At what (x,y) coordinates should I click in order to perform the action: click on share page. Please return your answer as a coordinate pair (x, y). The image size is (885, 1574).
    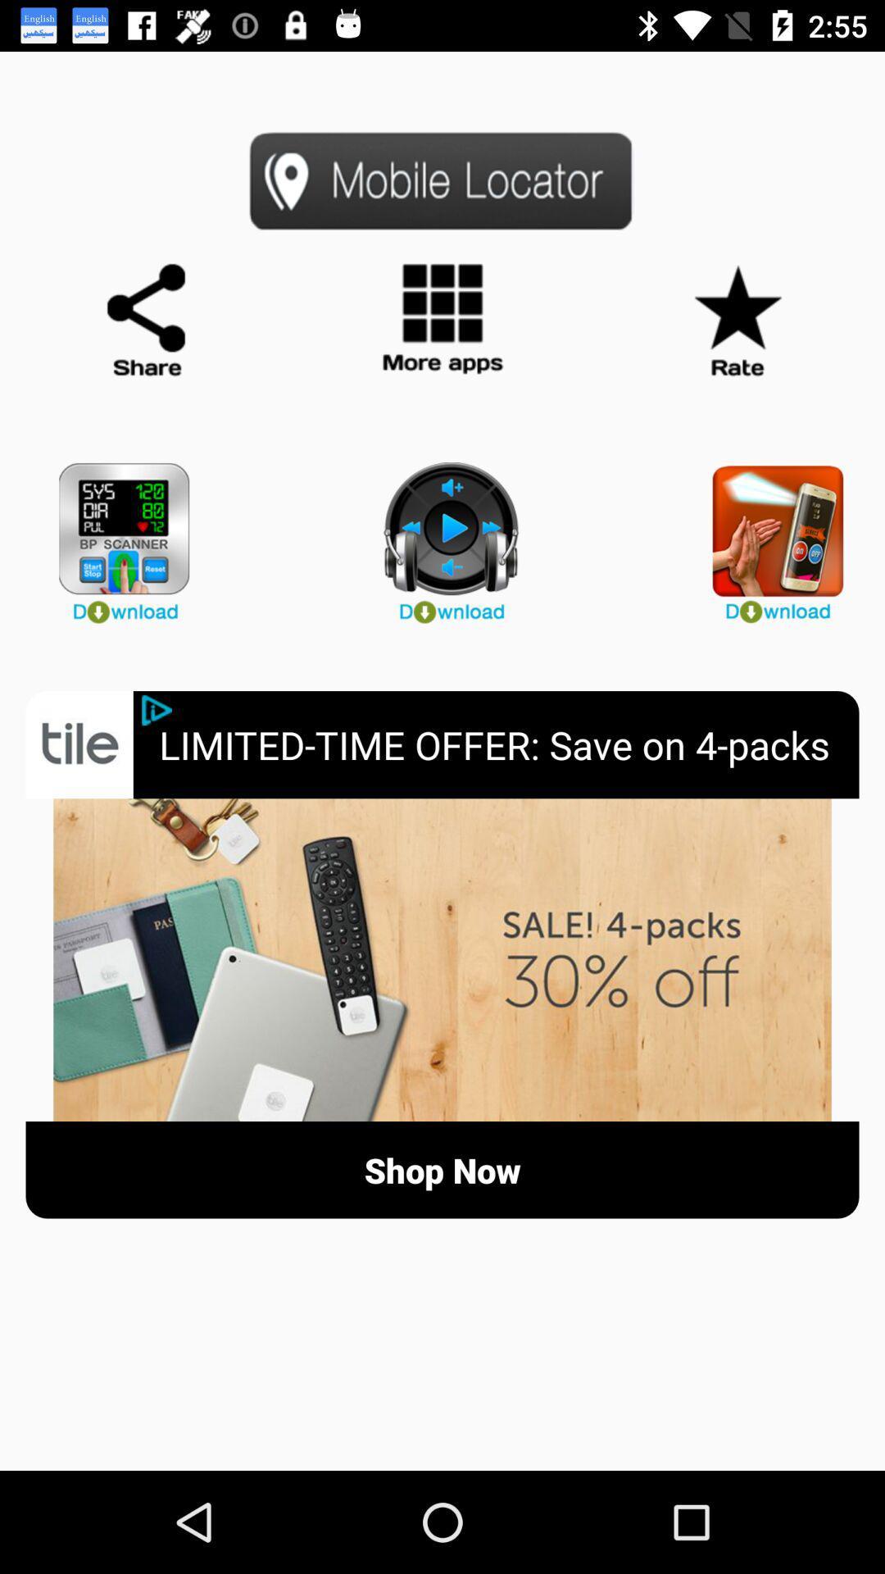
    Looking at the image, I should click on (147, 321).